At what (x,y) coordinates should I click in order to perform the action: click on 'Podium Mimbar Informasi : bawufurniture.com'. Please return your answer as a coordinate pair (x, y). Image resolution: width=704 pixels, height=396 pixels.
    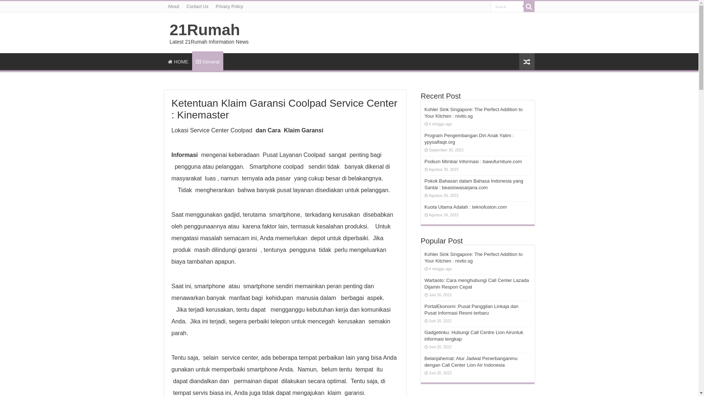
    Looking at the image, I should click on (473, 161).